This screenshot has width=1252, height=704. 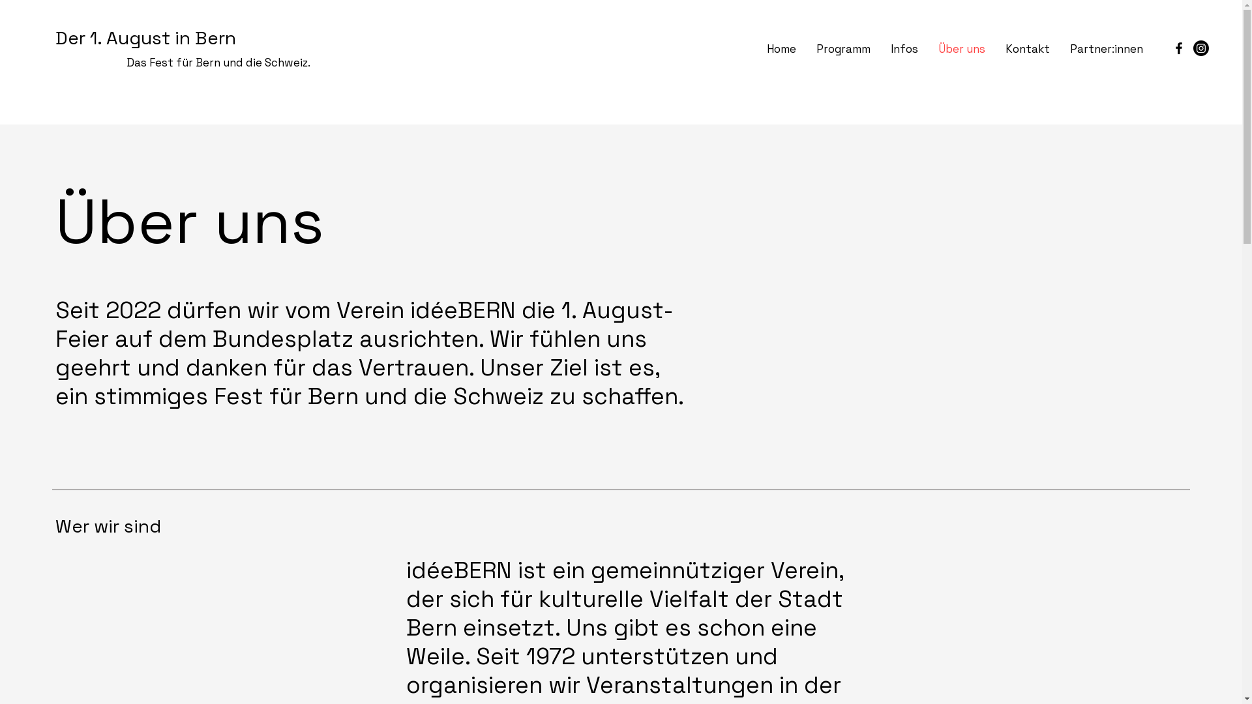 I want to click on 'Der 1. August in Bern', so click(x=145, y=37).